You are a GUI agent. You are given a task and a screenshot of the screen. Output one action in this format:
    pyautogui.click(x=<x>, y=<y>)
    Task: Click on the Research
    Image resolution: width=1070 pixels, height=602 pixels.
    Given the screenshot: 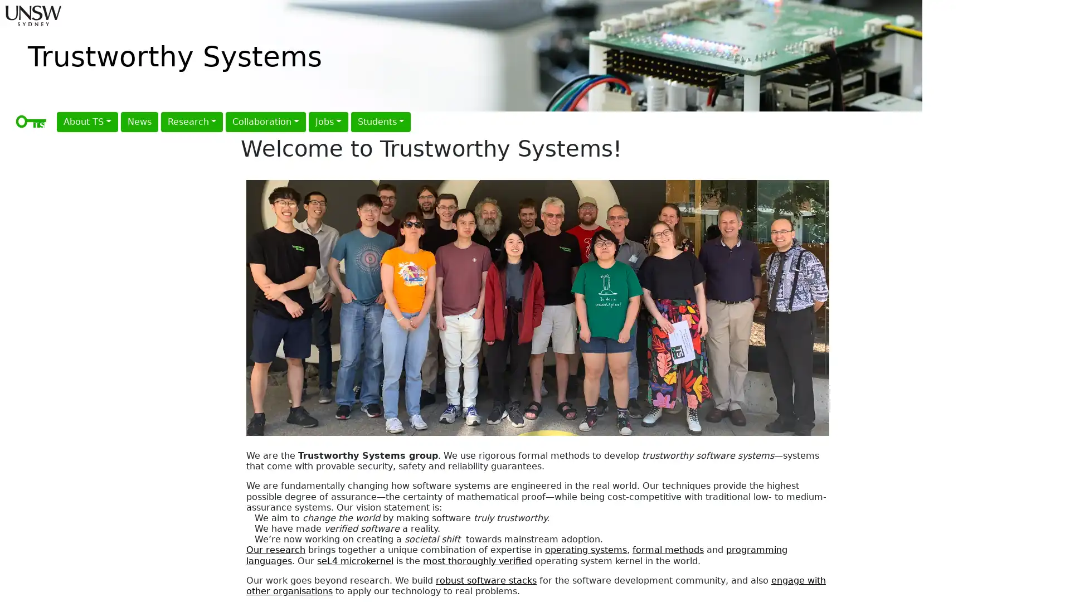 What is the action you would take?
    pyautogui.click(x=192, y=122)
    